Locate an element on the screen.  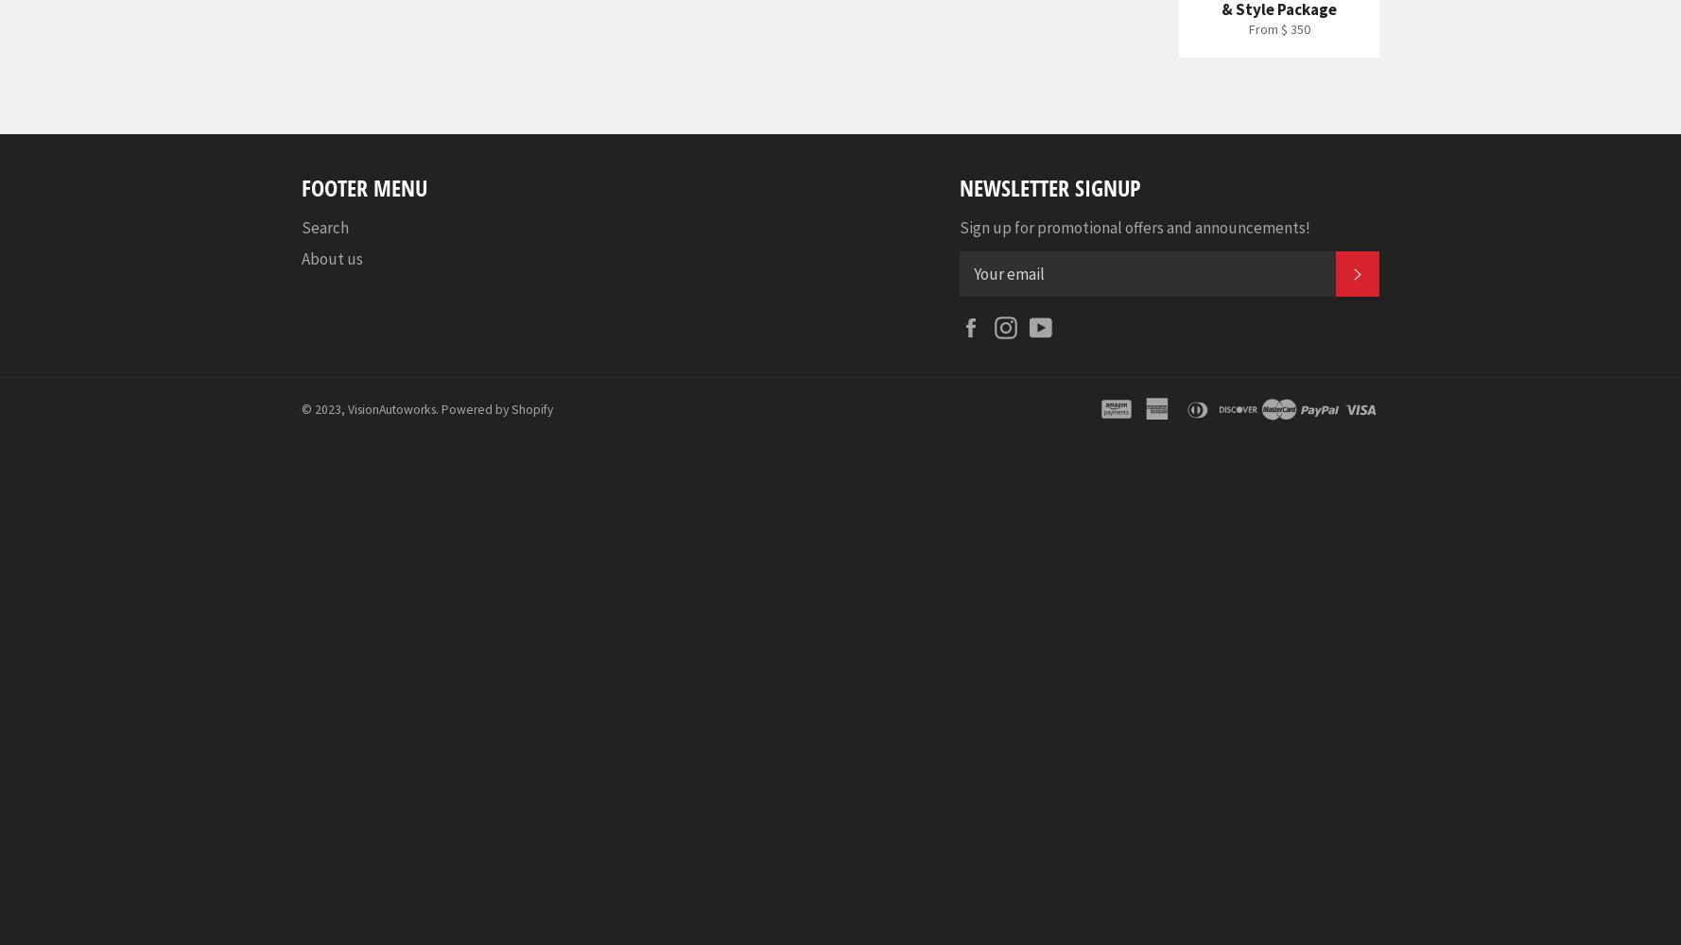
'Footer menu' is located at coordinates (301, 186).